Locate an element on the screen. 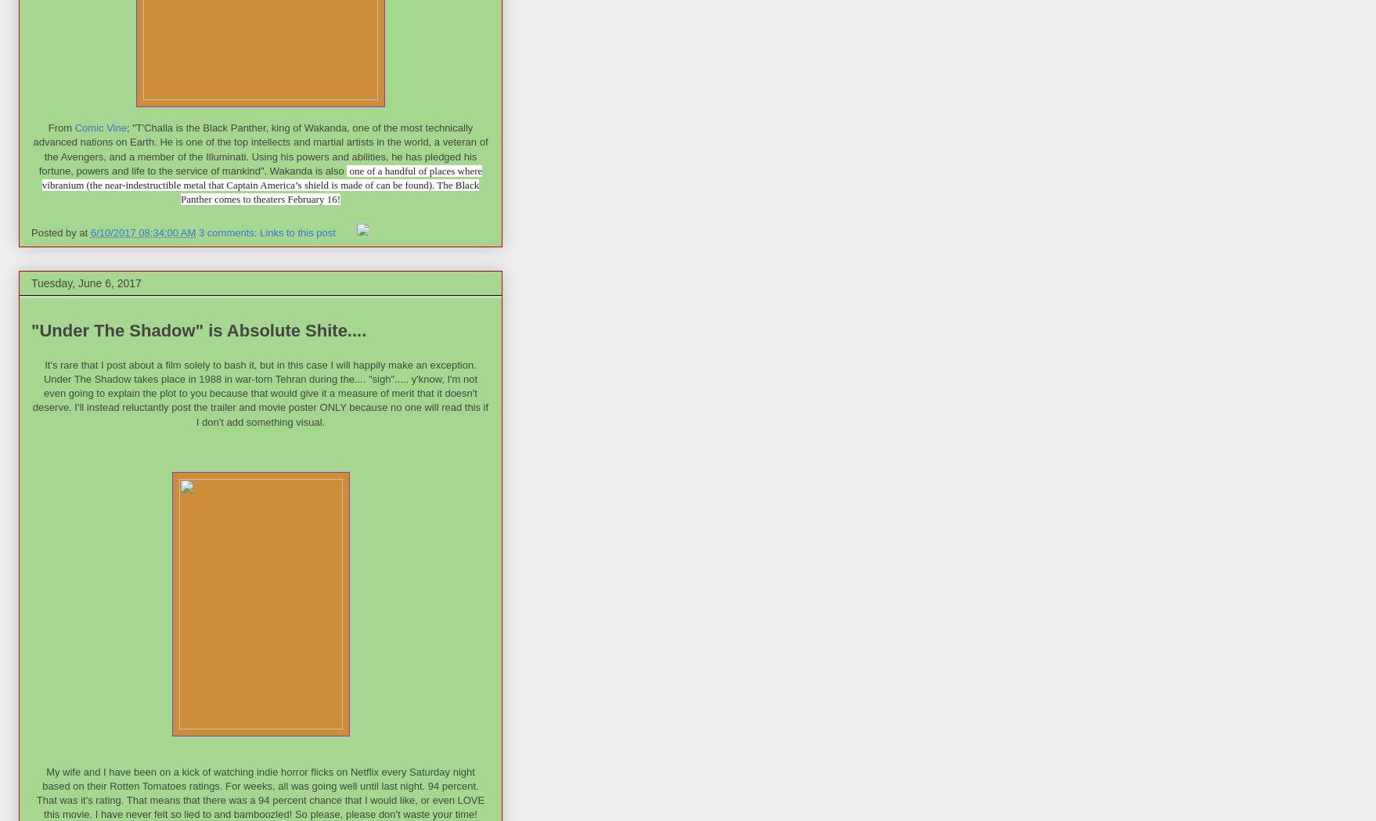 This screenshot has width=1376, height=821. 'Tuesday, June 6, 2017' is located at coordinates (86, 281).